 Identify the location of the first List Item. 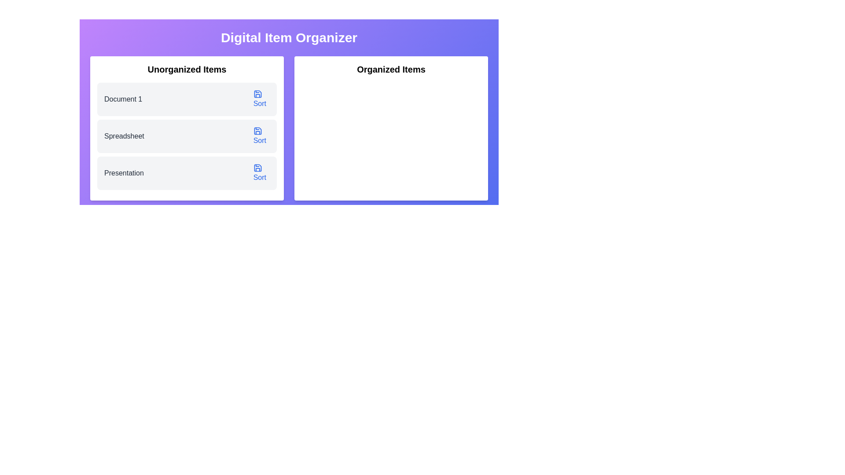
(187, 99).